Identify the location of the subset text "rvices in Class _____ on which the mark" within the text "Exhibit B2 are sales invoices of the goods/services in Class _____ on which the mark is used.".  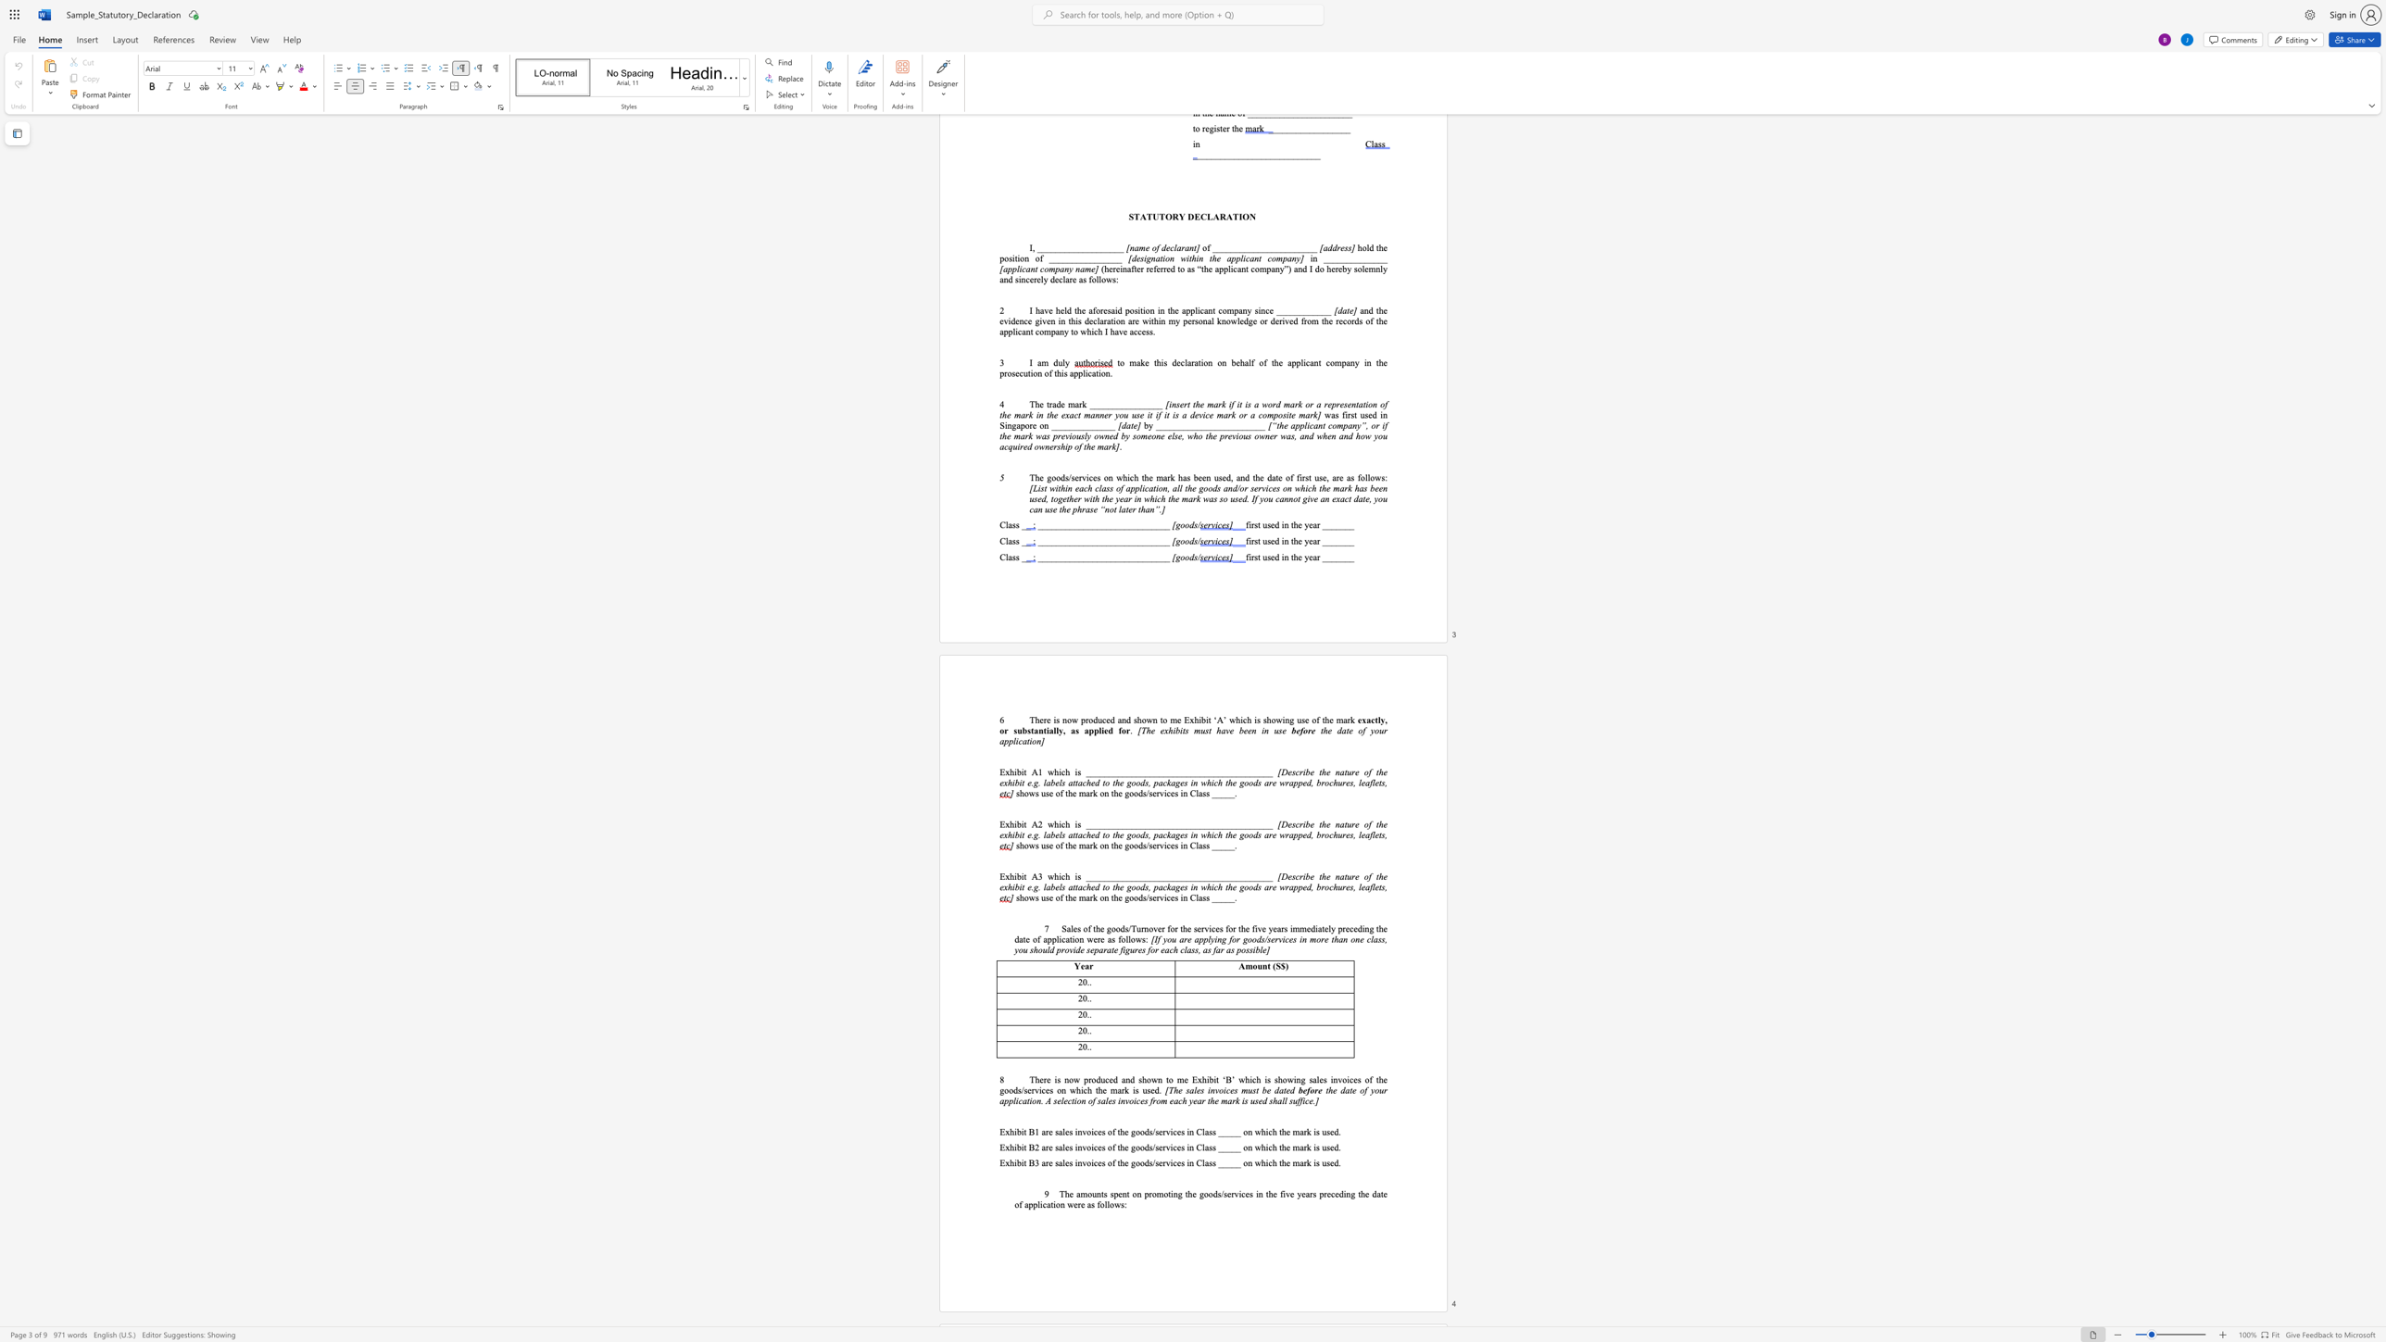
(1162, 1147).